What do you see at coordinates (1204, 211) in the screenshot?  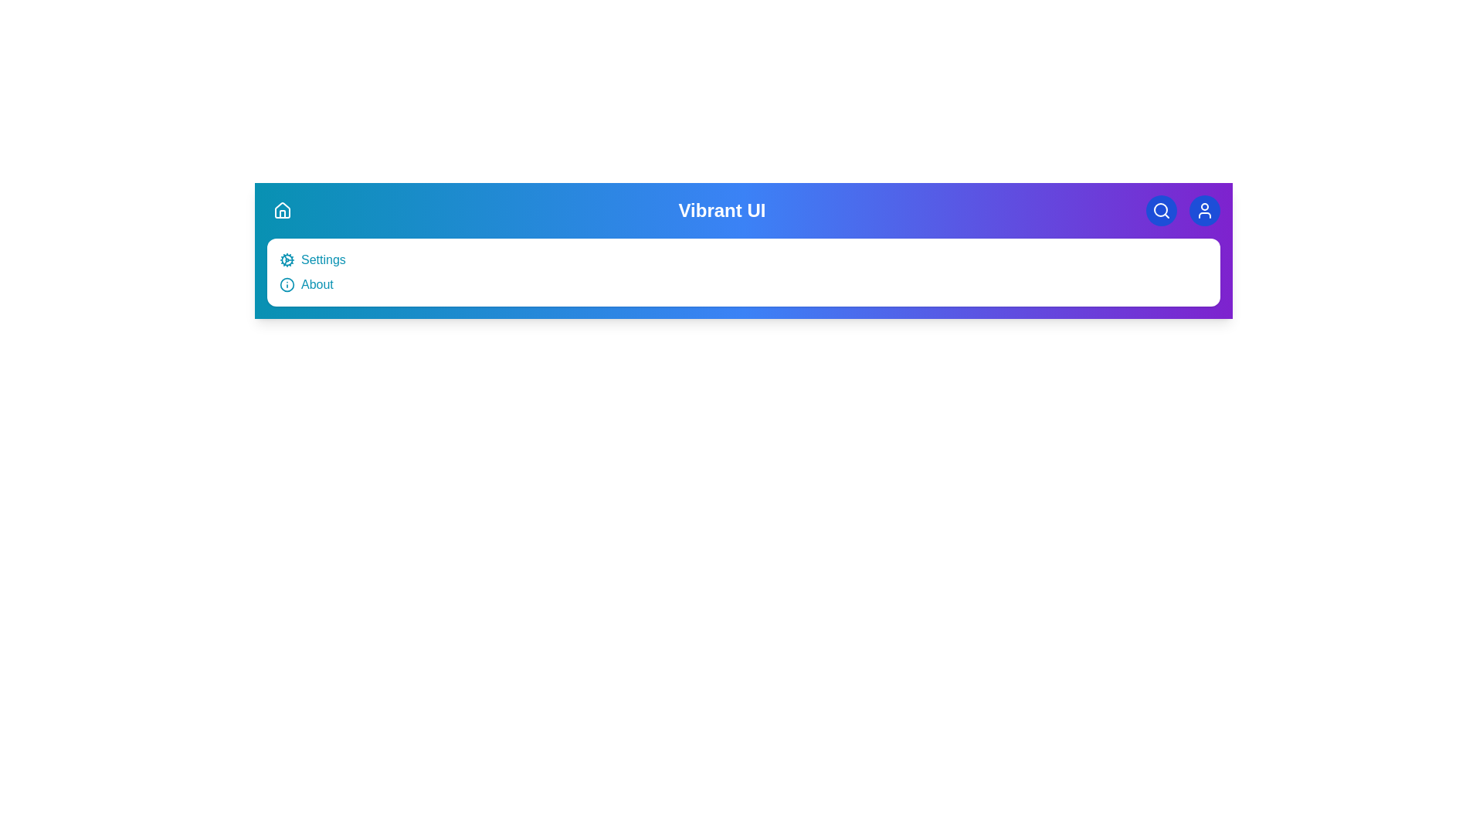 I see `the profile icon button to access user-related options` at bounding box center [1204, 211].